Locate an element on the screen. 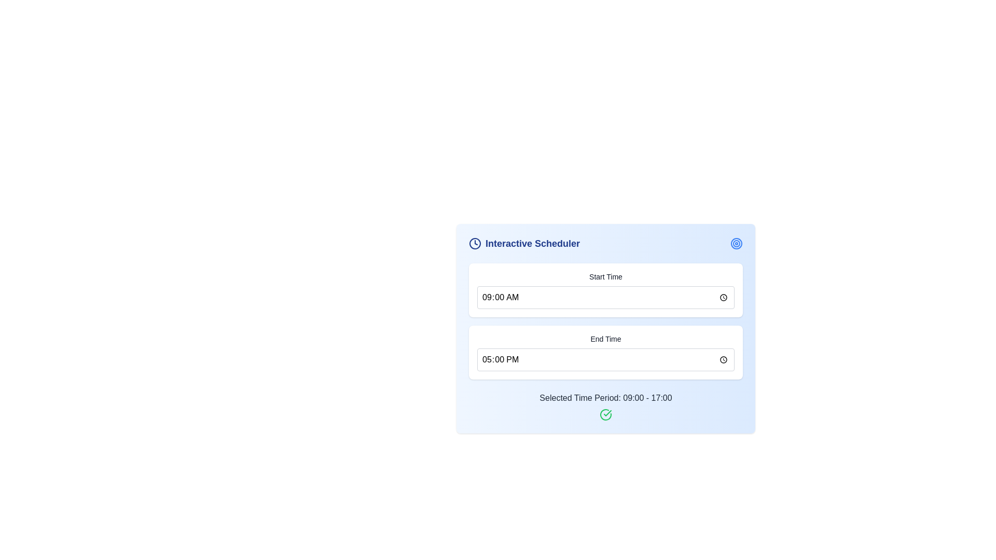 The width and height of the screenshot is (996, 560). the small circular green checkmark icon indicating success, positioned to the right of the text 'Selected Time Period: 09:00 - 17:00' is located at coordinates (605, 414).